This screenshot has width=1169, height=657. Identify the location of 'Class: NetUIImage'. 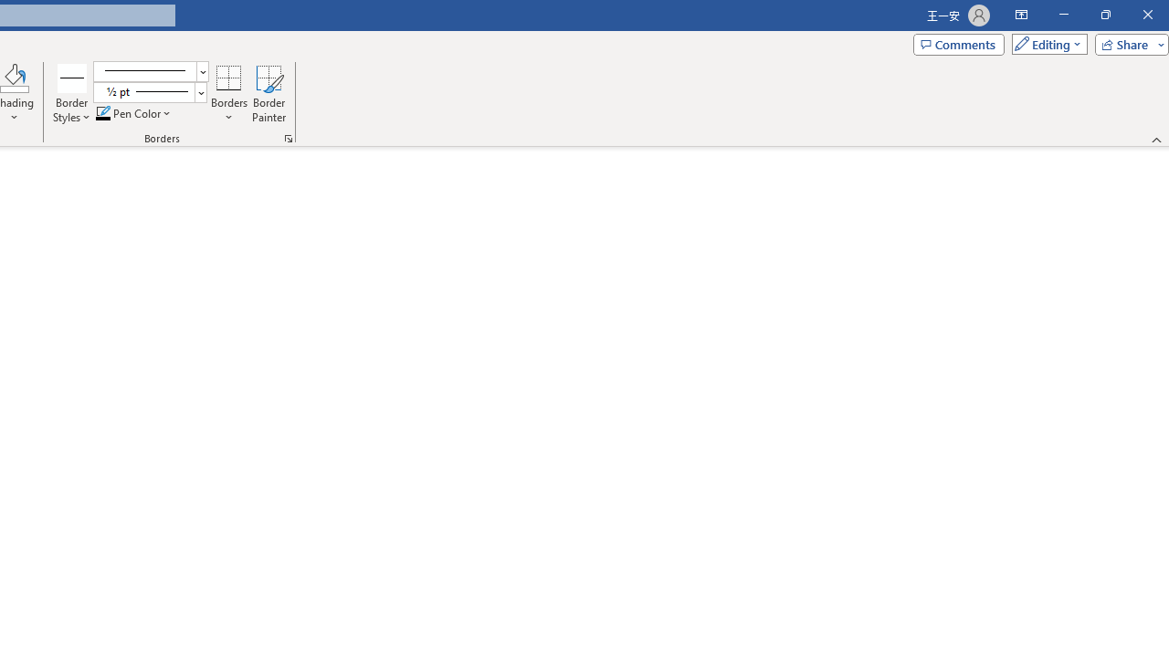
(142, 91).